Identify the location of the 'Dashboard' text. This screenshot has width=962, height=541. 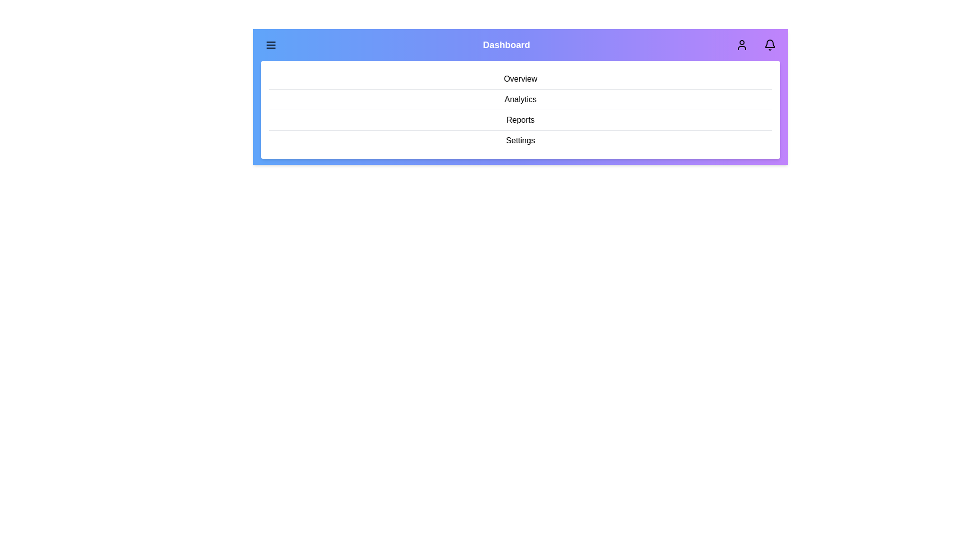
(507, 44).